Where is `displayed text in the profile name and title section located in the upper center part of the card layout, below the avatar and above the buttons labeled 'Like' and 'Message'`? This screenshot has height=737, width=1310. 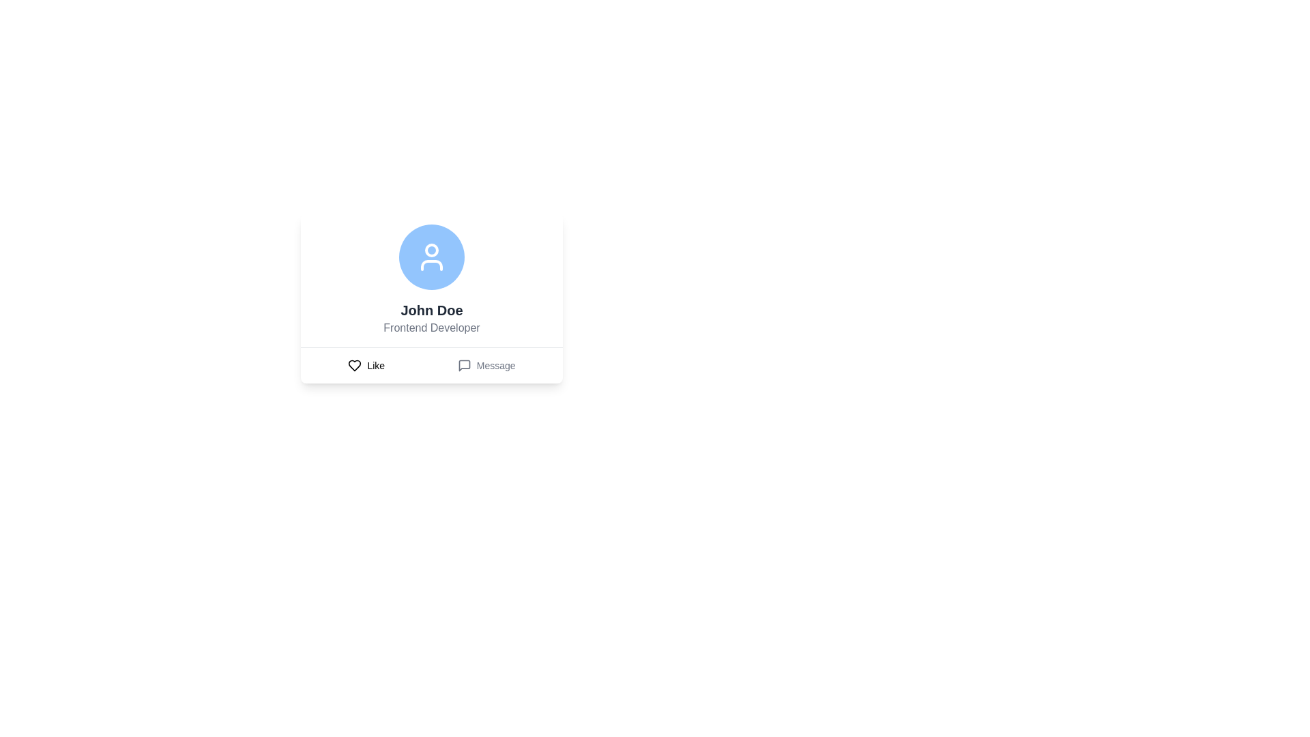
displayed text in the profile name and title section located in the upper center part of the card layout, below the avatar and above the buttons labeled 'Like' and 'Message' is located at coordinates (431, 323).